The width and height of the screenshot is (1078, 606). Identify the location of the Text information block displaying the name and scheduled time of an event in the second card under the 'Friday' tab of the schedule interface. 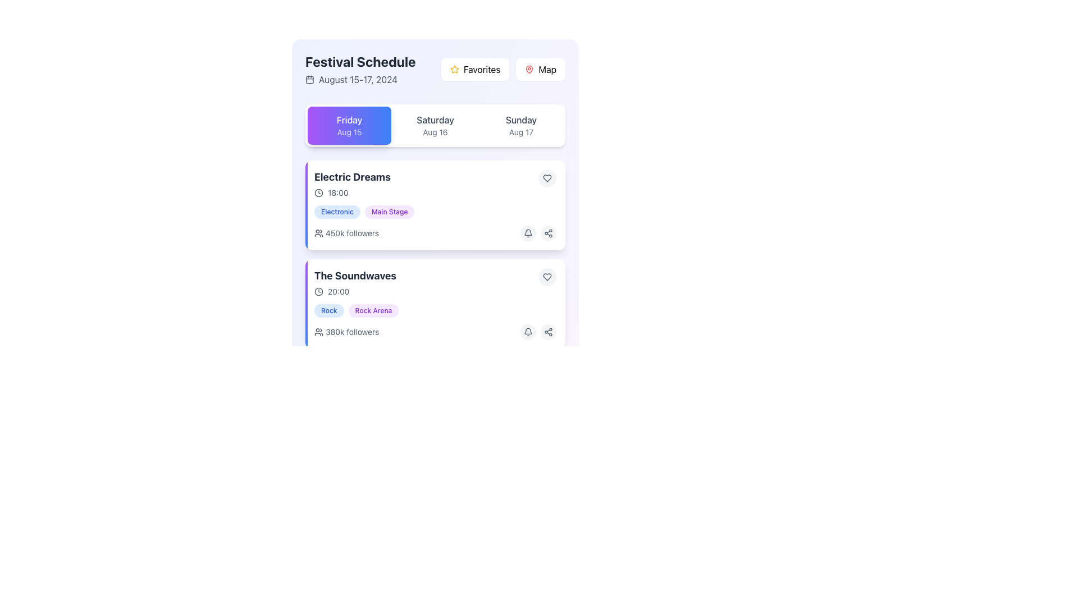
(355, 282).